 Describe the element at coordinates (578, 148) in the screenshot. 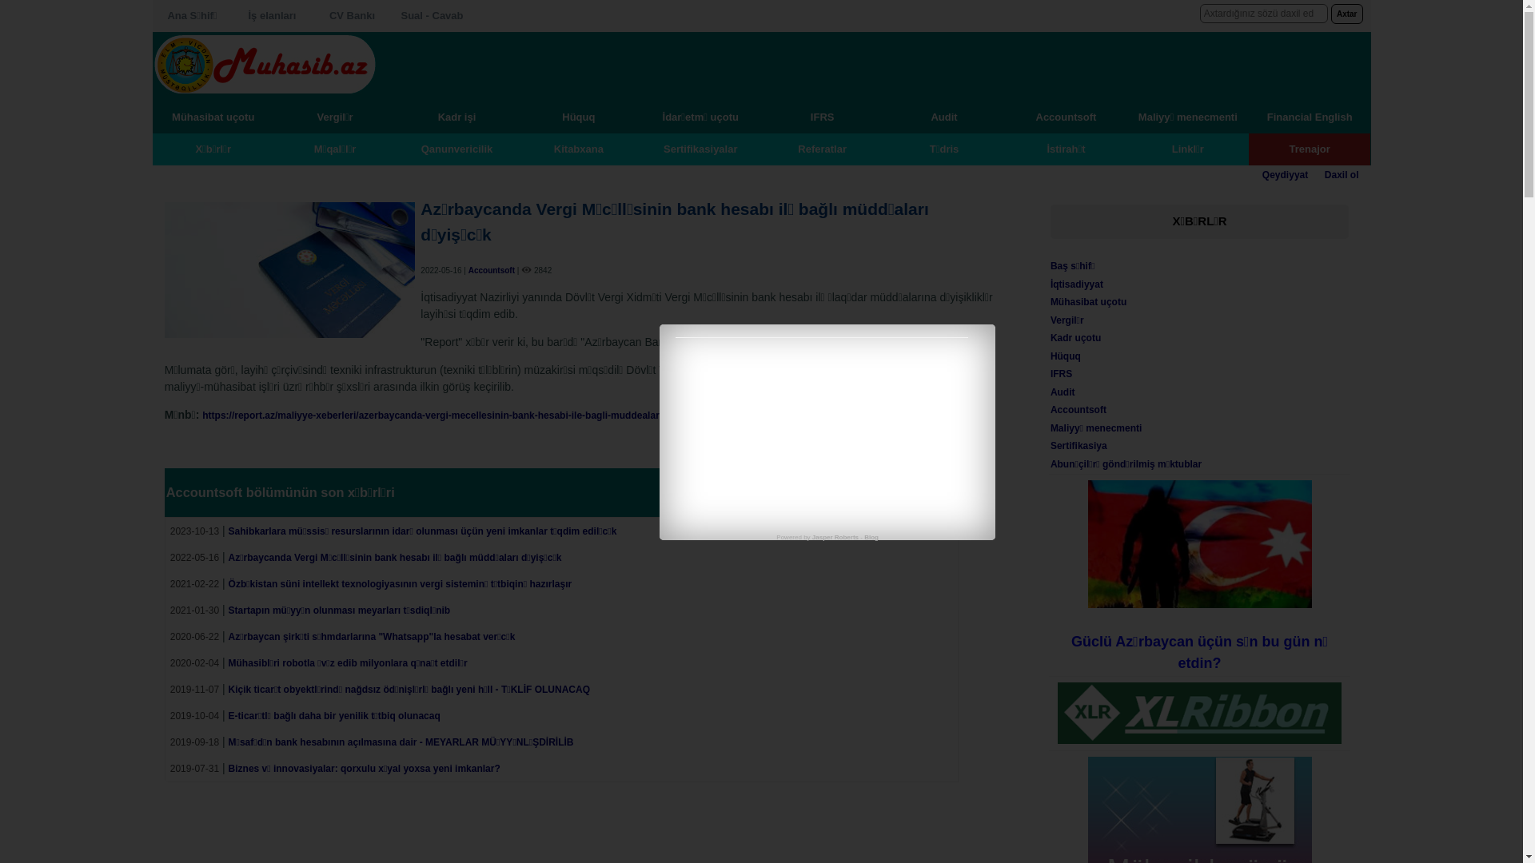

I see `'Kitabxana'` at that location.